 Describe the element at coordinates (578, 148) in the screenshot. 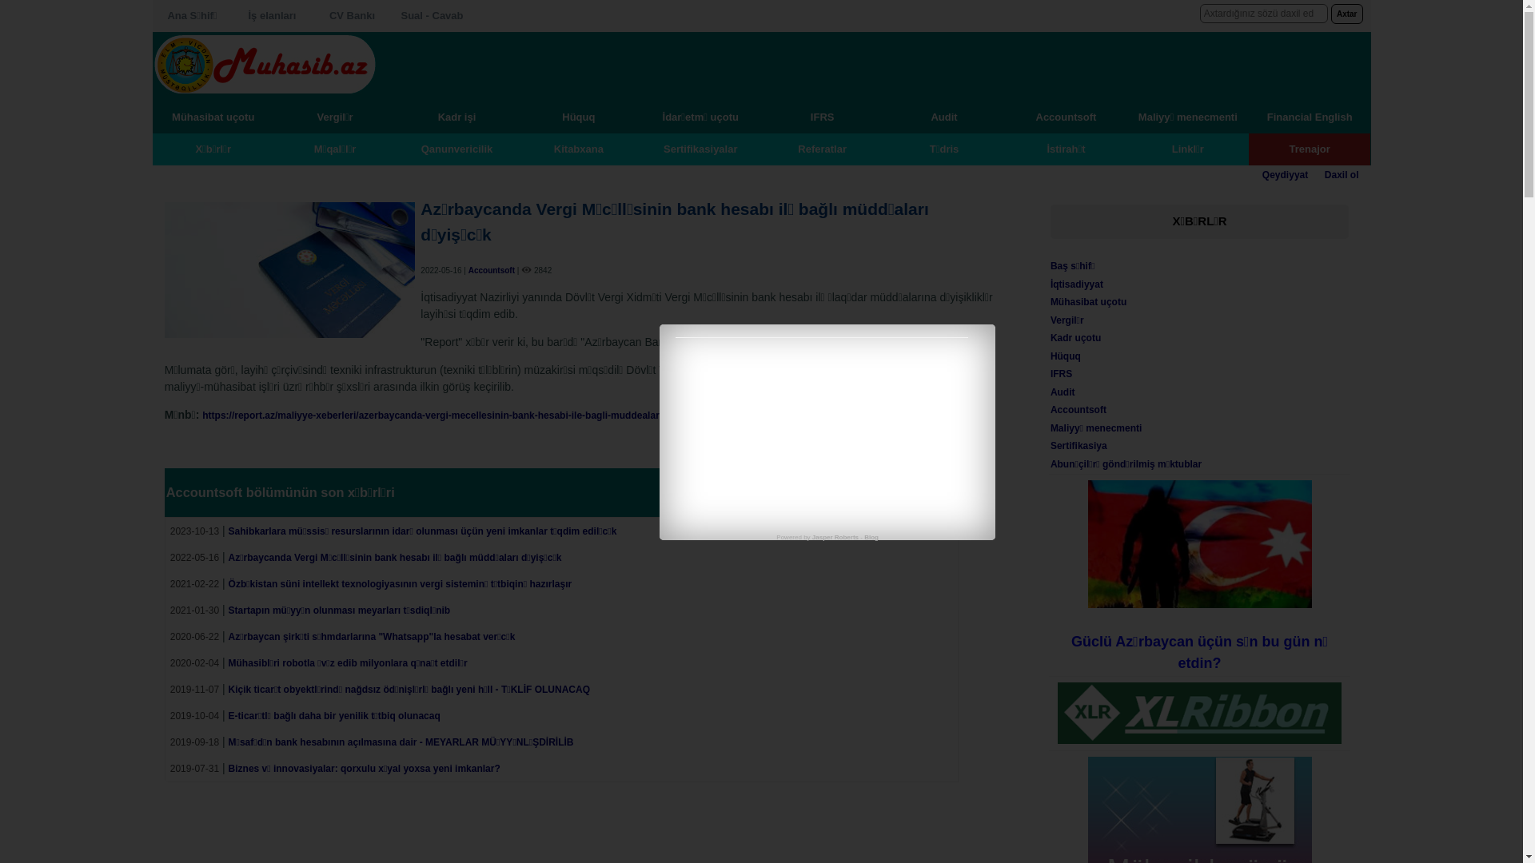

I see `'Kitabxana'` at that location.